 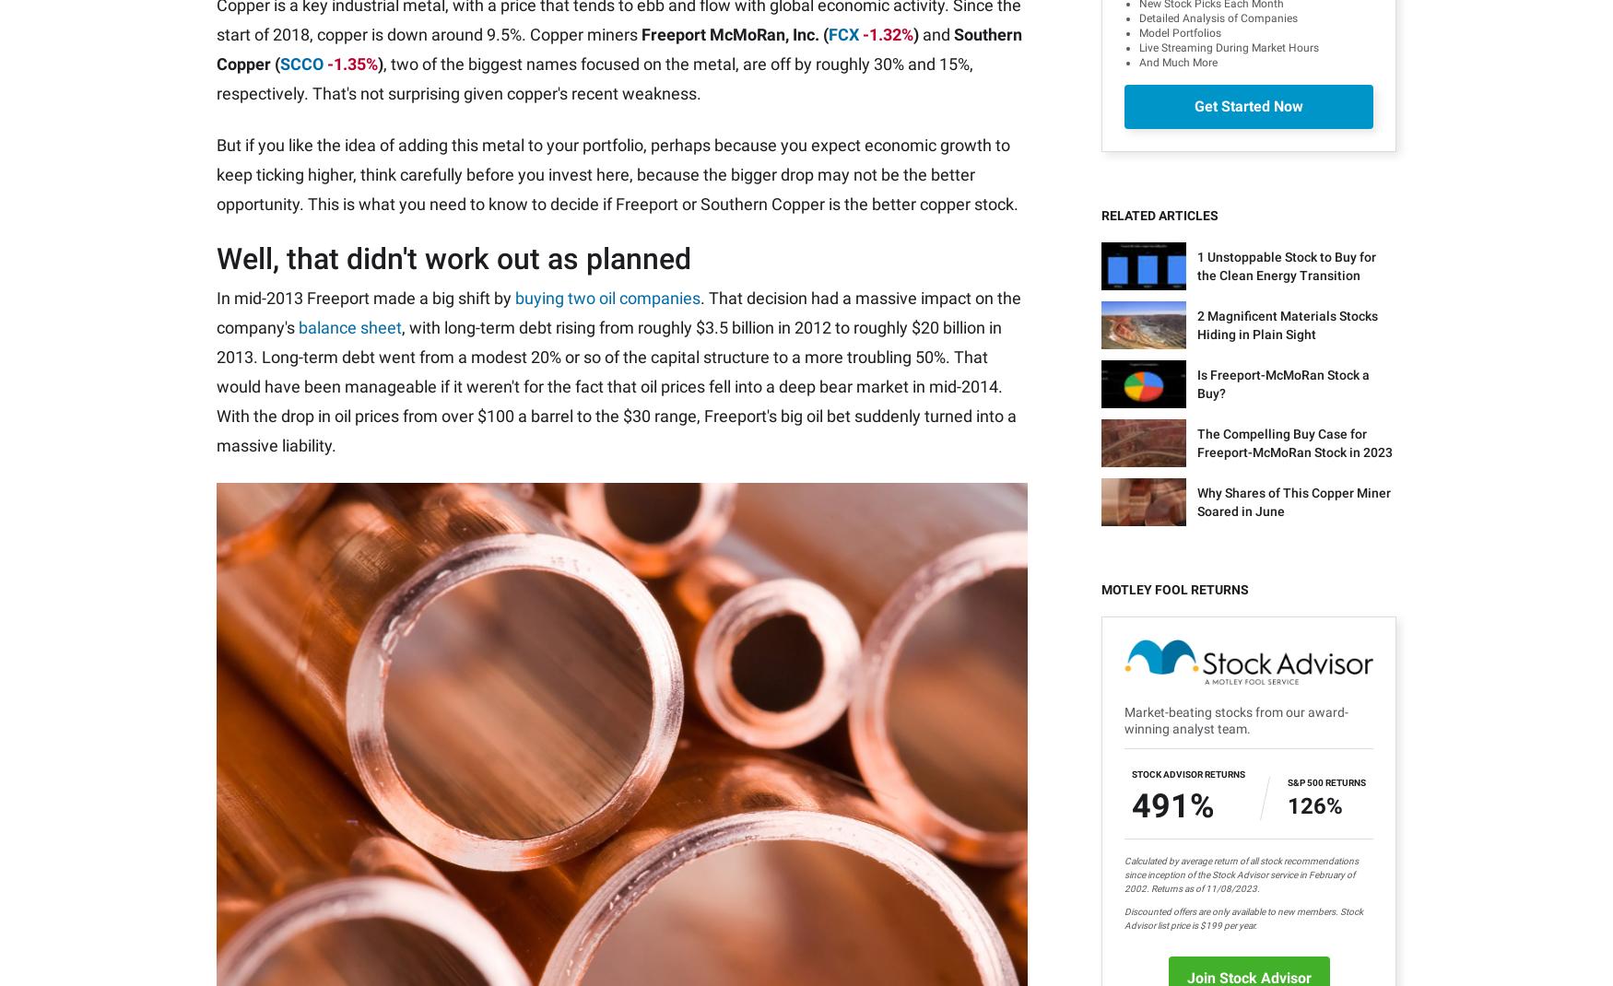 What do you see at coordinates (552, 762) in the screenshot?
I see `'Research'` at bounding box center [552, 762].